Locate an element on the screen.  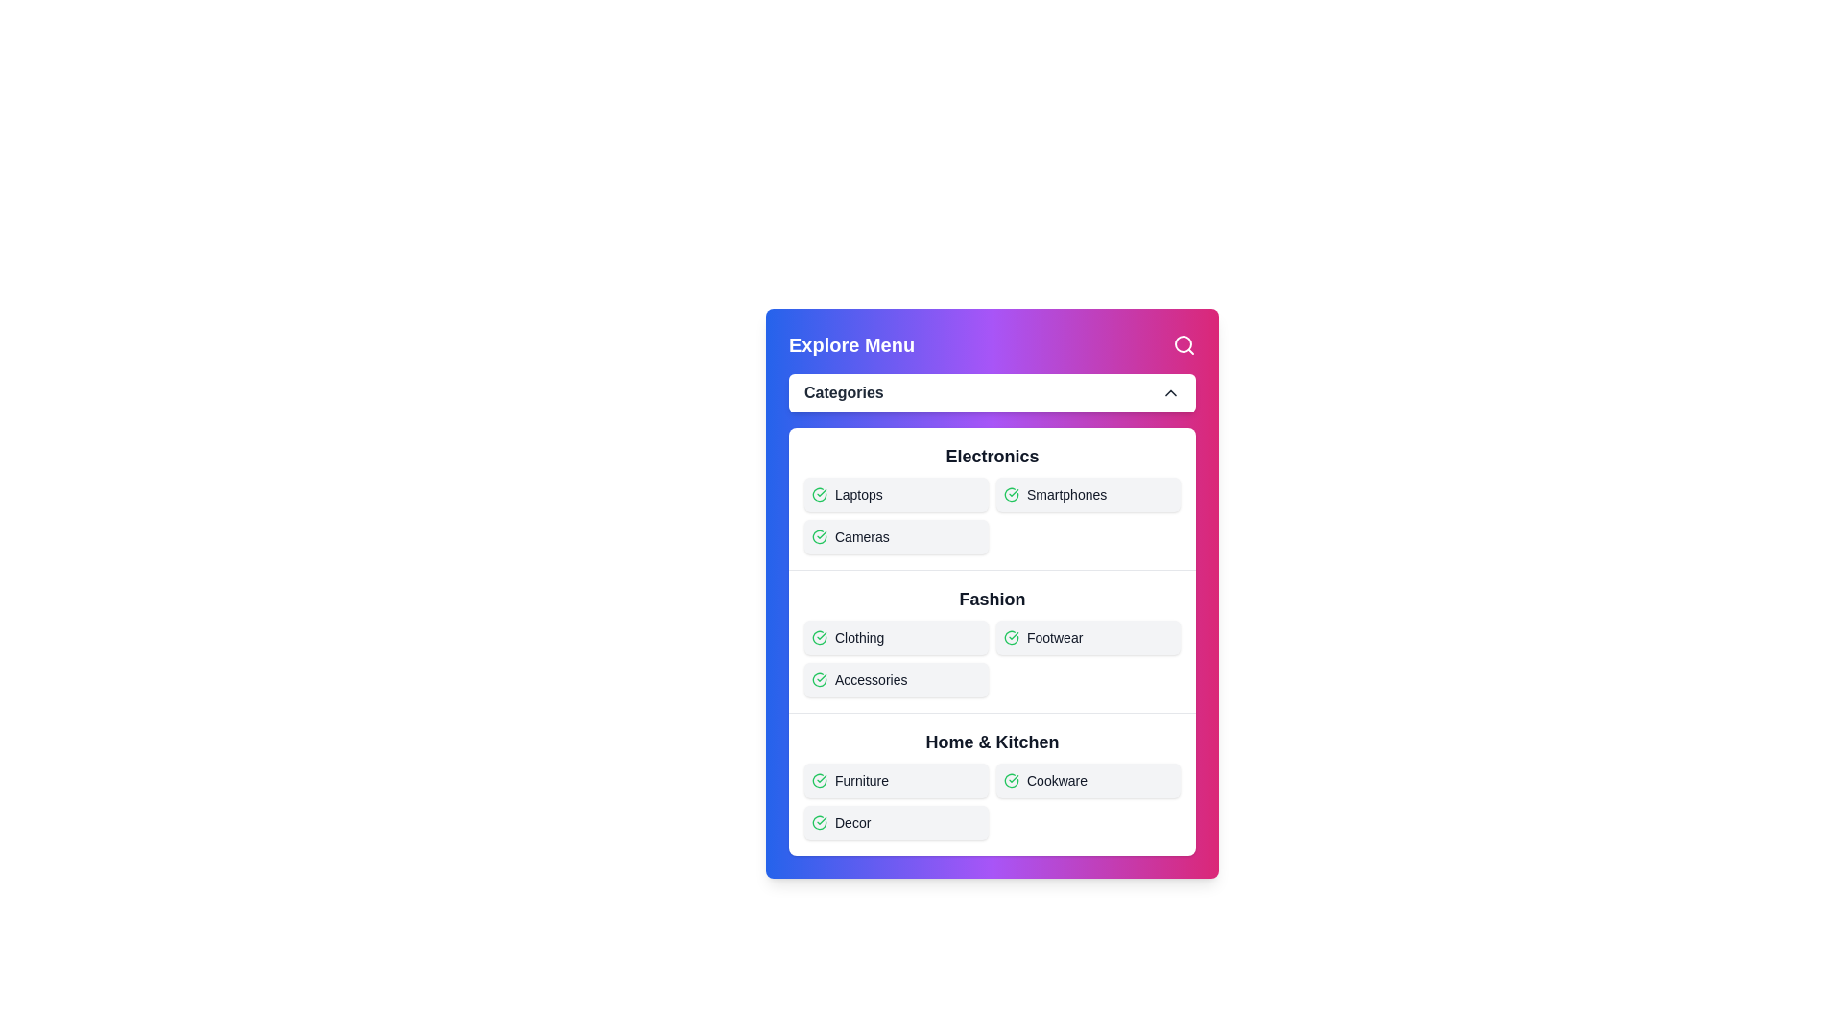
the completion icon for the 'Accessories' item located to the left of the text within the 'Fashion' category group is located at coordinates (820, 679).